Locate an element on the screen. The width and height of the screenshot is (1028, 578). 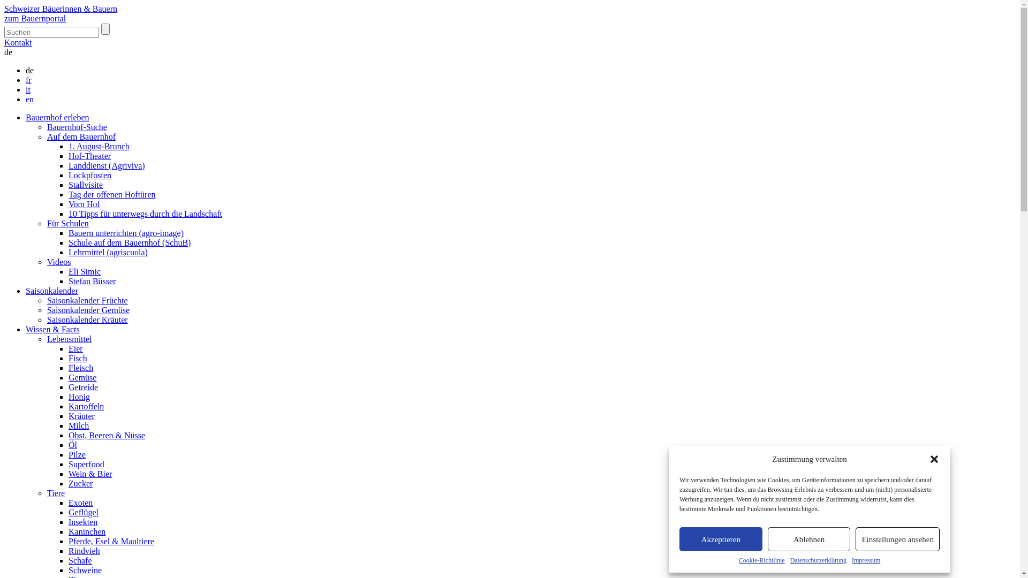
'Bauern unterrichten (agro-image)' is located at coordinates (126, 232).